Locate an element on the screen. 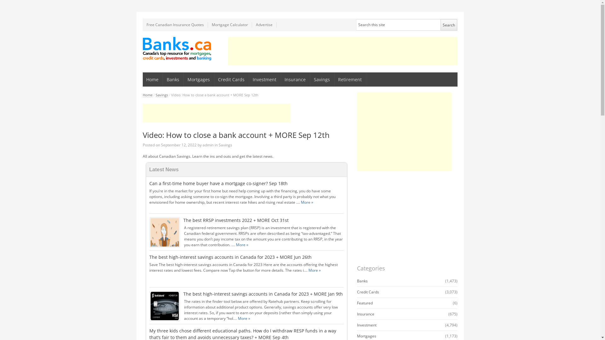 The image size is (605, 340). 'Free Canadian Insurance Quotes' is located at coordinates (142, 24).